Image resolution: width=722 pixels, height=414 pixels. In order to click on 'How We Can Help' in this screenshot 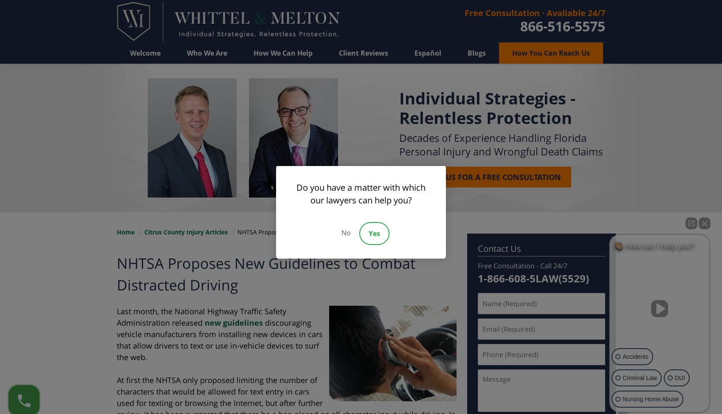, I will do `click(283, 52)`.